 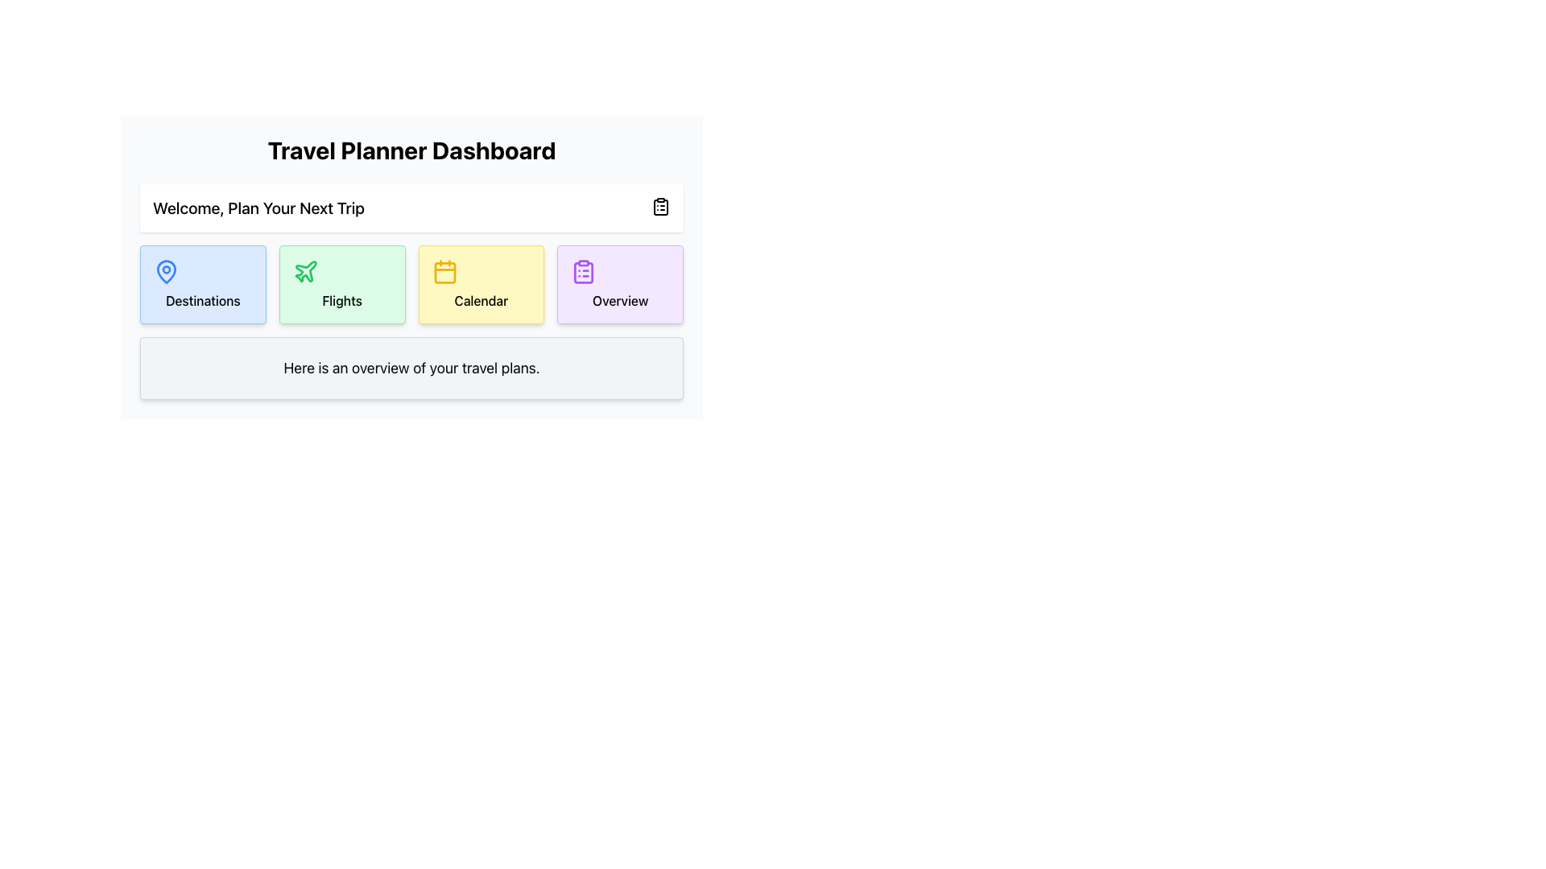 I want to click on the 'Overview' text label located within the fourth card in a row of four interactive cards, positioned below the header 'Welcome, Plan Your Next Trip' and above a paragraph describing travel plans, so click(x=619, y=301).